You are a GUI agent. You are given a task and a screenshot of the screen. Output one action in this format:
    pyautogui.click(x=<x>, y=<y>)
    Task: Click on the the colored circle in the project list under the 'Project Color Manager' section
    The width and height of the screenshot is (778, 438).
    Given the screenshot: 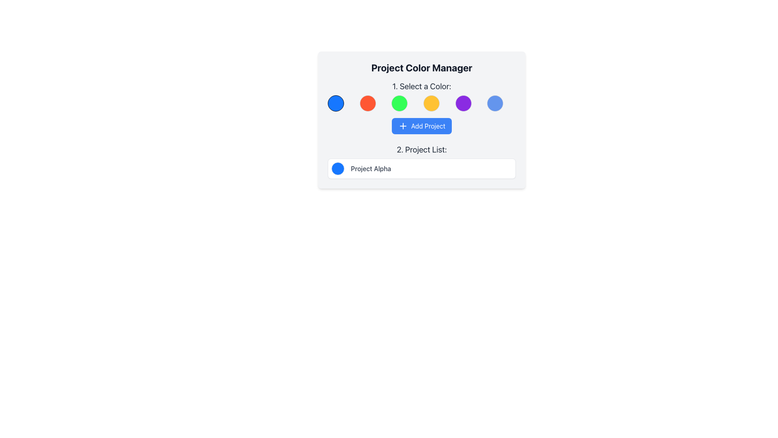 What is the action you would take?
    pyautogui.click(x=421, y=161)
    